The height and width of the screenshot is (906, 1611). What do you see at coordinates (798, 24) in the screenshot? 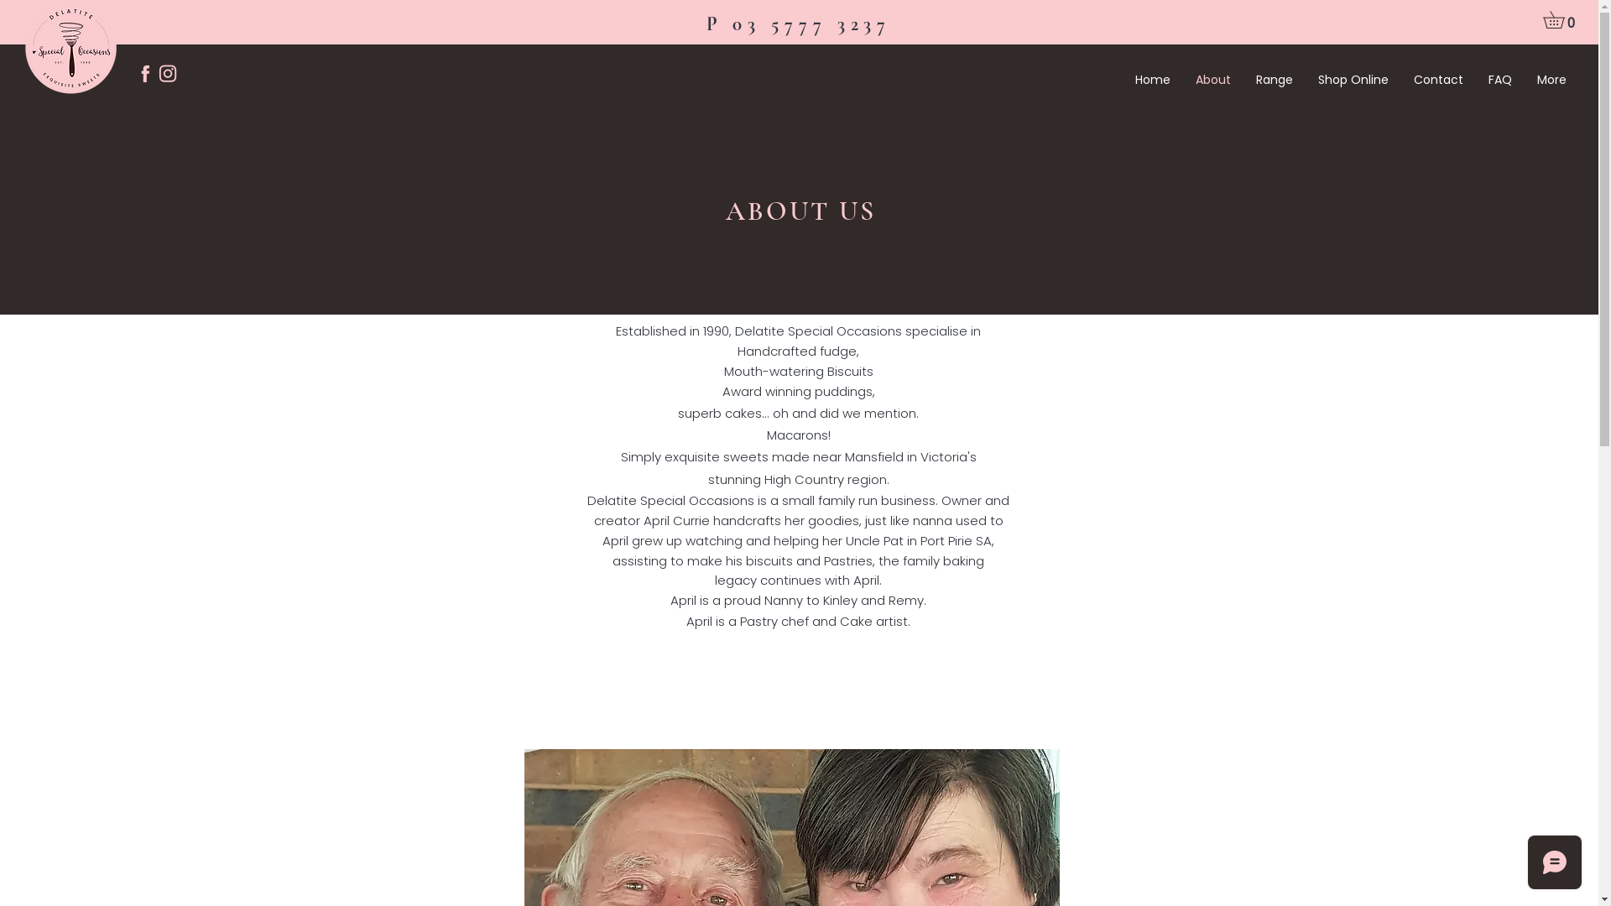
I see `'P 03 5777 3237'` at bounding box center [798, 24].